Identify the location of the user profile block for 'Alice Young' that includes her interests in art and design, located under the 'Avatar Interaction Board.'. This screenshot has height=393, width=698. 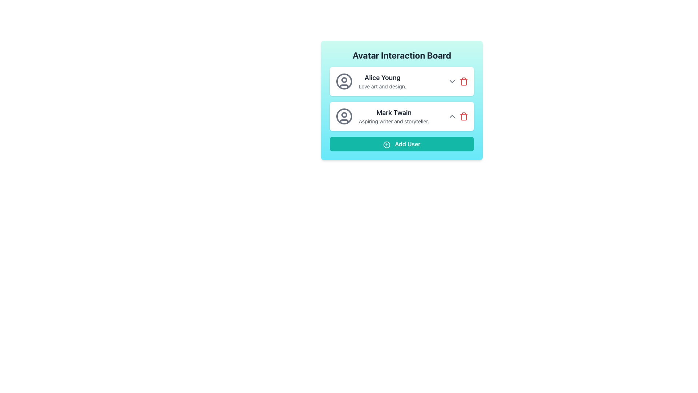
(401, 81).